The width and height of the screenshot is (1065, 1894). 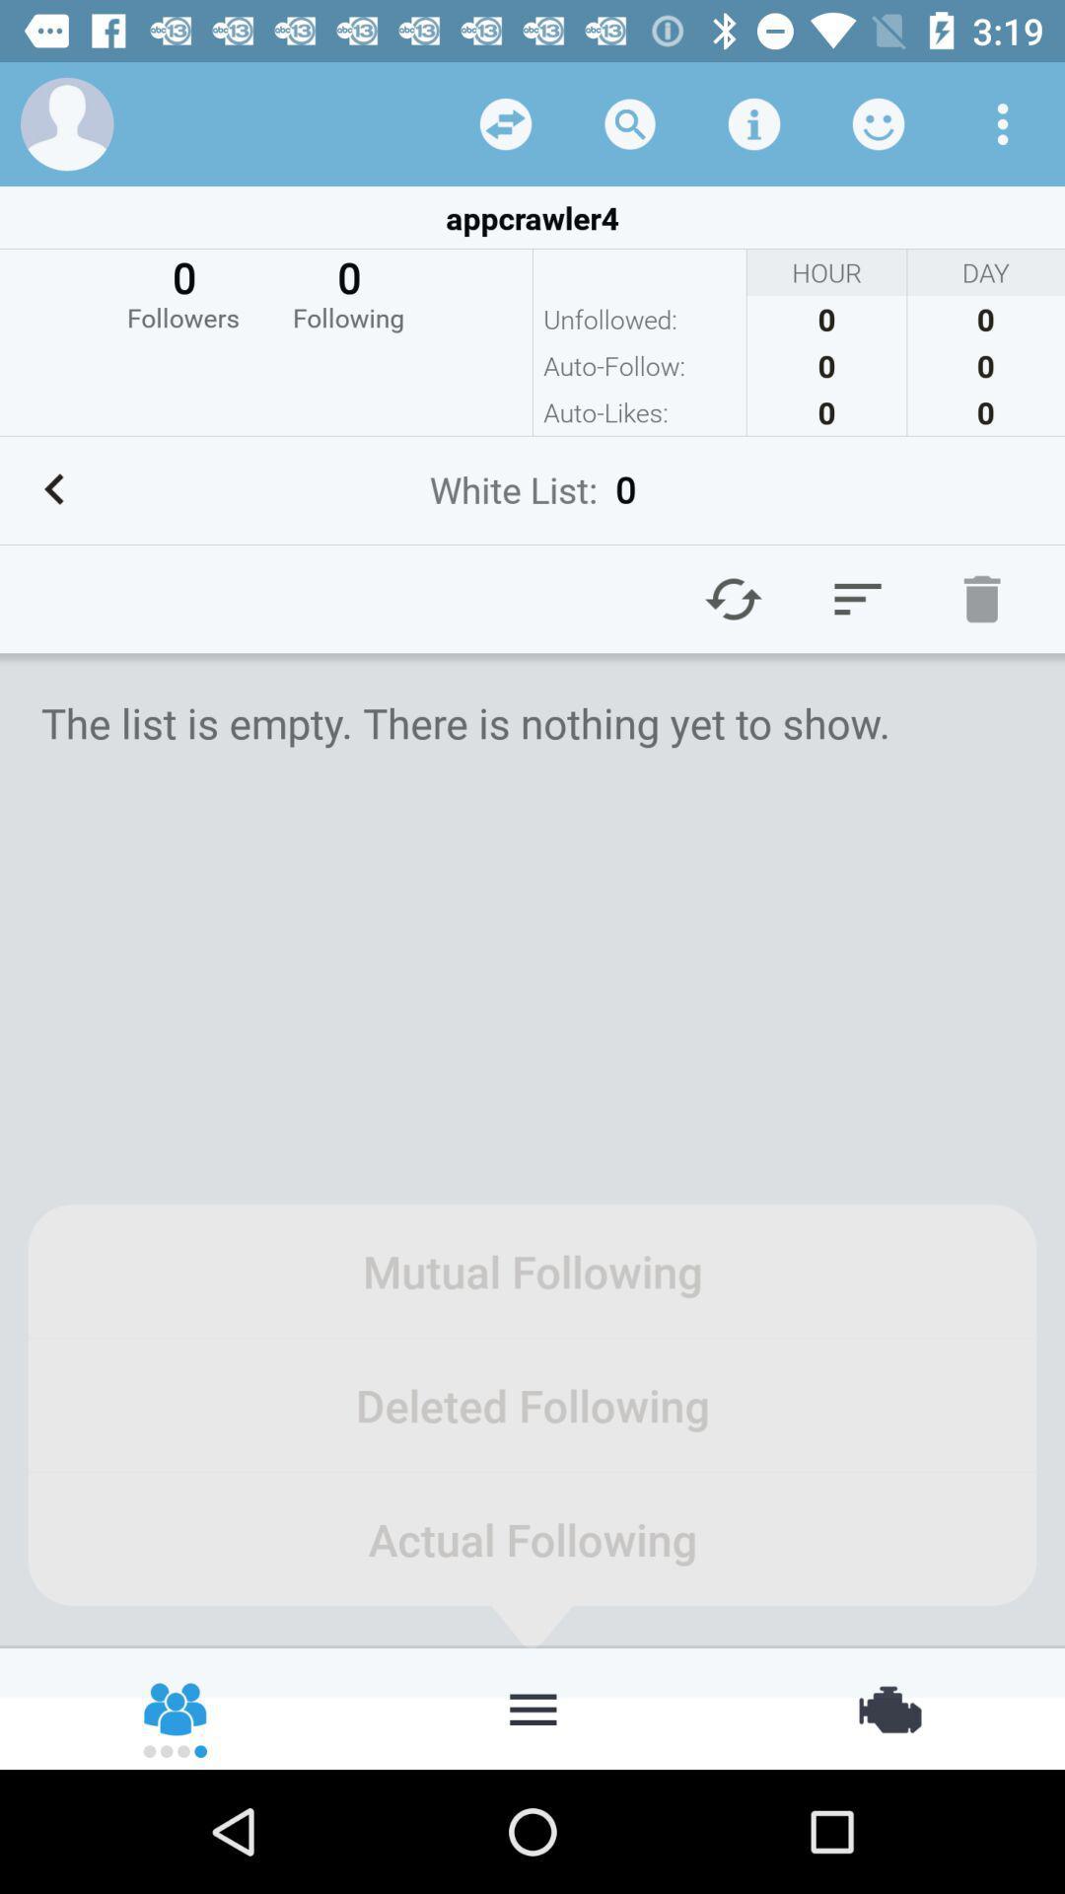 What do you see at coordinates (182, 291) in the screenshot?
I see `0 followers` at bounding box center [182, 291].